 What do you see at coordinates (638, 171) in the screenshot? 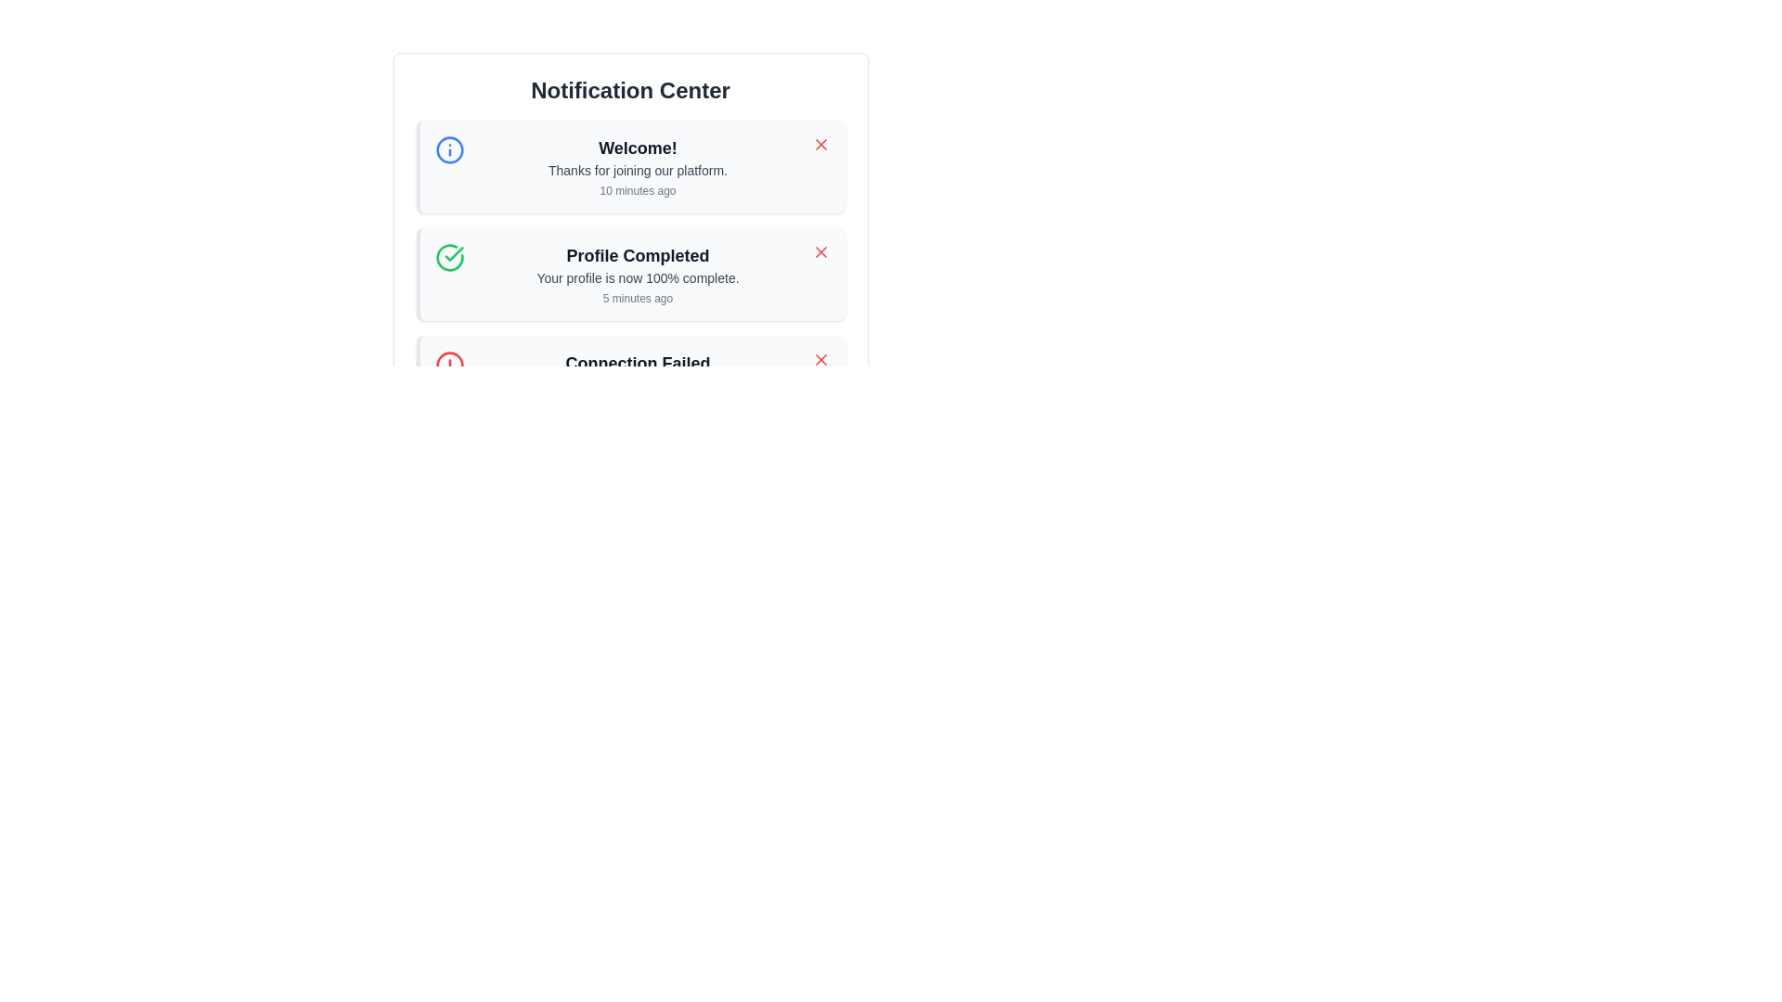
I see `the text content that provides further information related to the 'Welcome!' notification, which is located beneath the 'Welcome!' heading and above the '10 minutes ago' timestamp` at bounding box center [638, 171].